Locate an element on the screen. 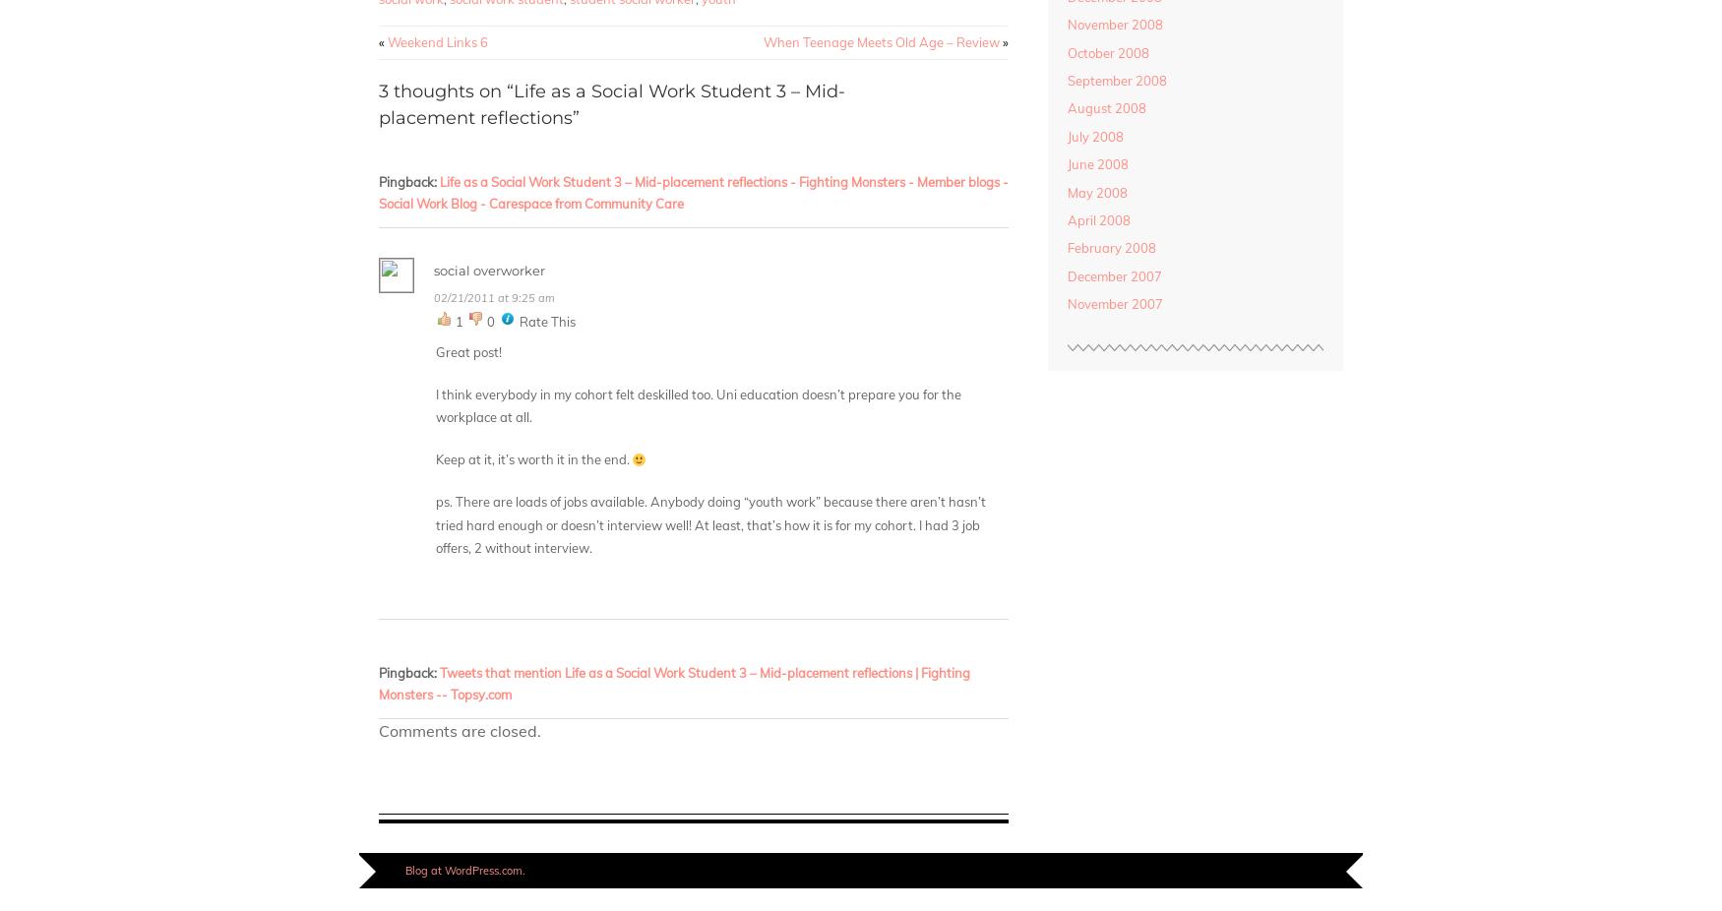 This screenshot has height=911, width=1722. '1' is located at coordinates (459, 321).